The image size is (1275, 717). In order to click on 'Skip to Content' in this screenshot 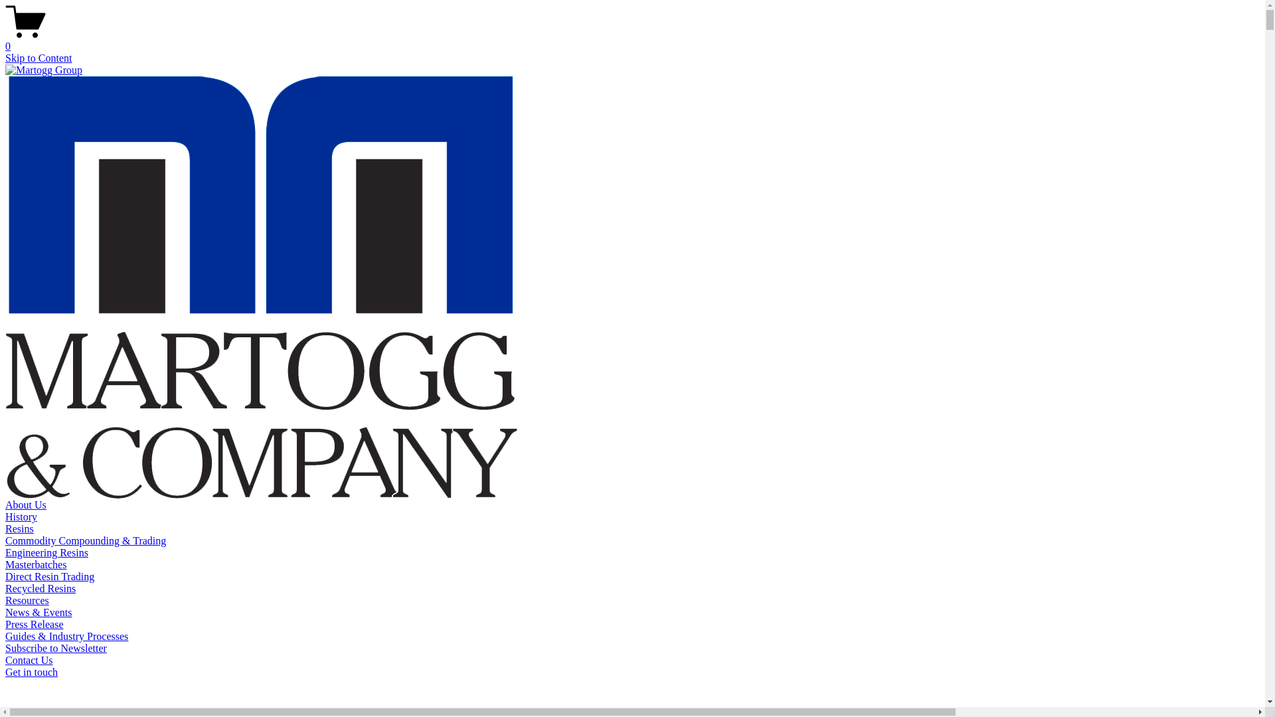, I will do `click(38, 57)`.